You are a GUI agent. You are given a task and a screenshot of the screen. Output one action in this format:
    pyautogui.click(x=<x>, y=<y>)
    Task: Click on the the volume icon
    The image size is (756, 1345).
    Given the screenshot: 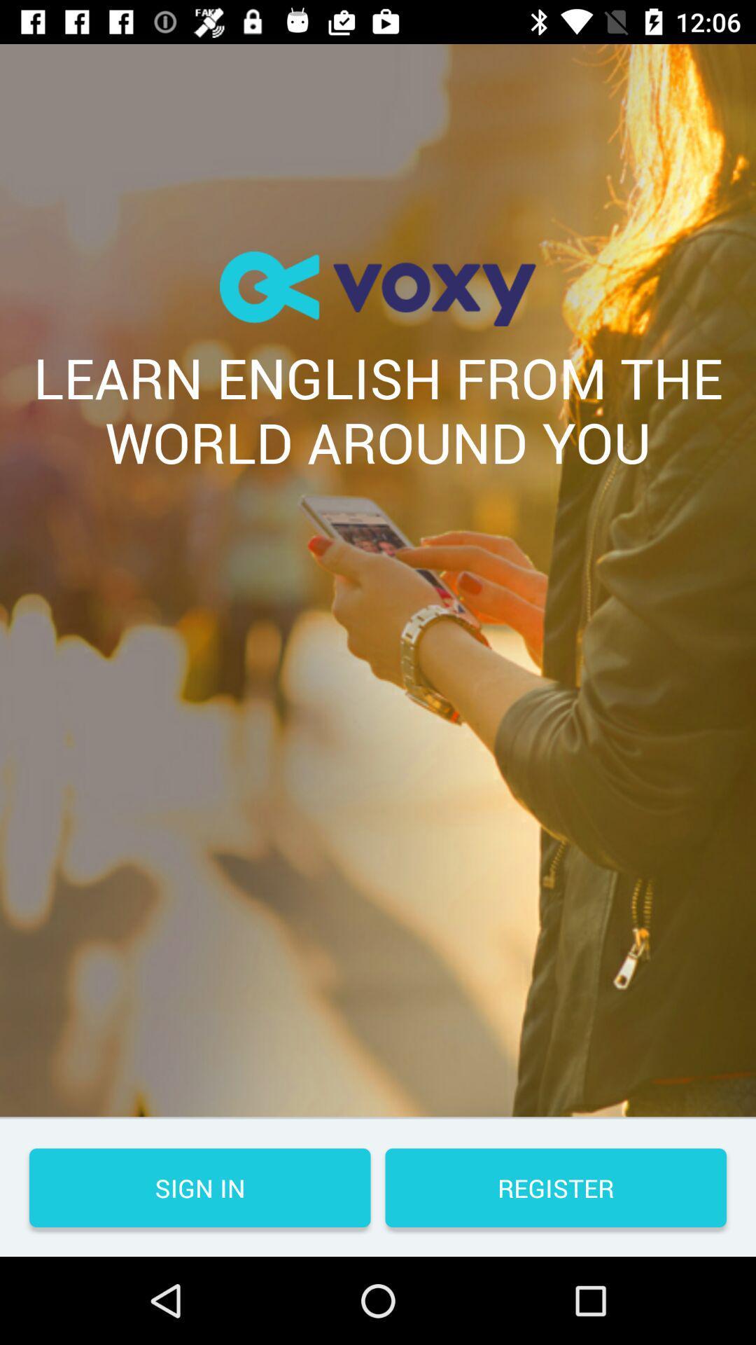 What is the action you would take?
    pyautogui.click(x=378, y=288)
    